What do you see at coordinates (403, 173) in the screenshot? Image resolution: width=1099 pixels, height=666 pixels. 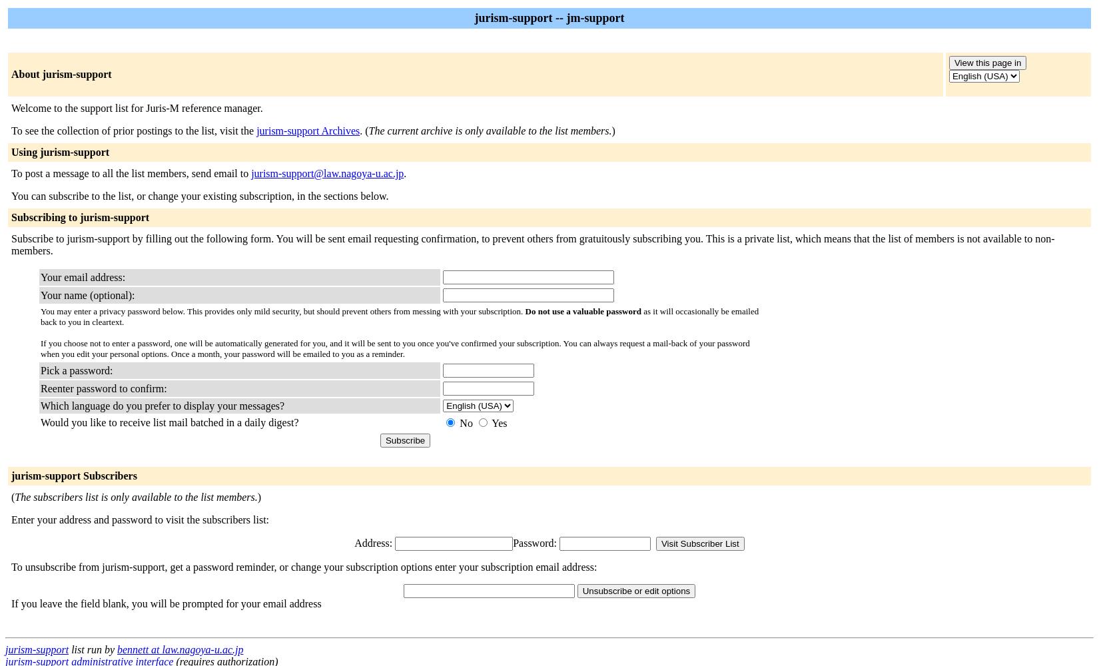 I see `'.'` at bounding box center [403, 173].